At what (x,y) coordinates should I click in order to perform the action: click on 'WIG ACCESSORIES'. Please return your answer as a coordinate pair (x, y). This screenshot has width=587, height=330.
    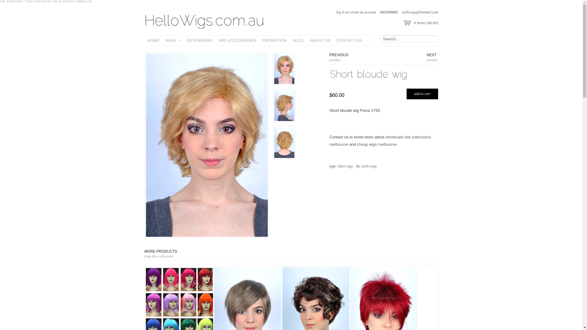
    Looking at the image, I should click on (216, 40).